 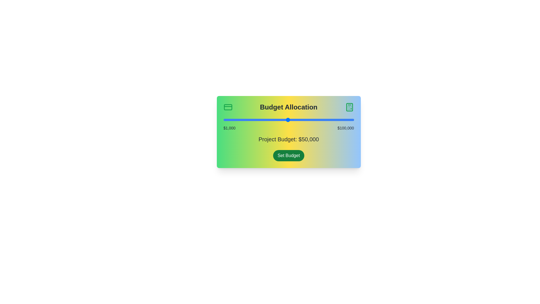 What do you see at coordinates (311, 119) in the screenshot?
I see `the slider to set the project budget to 67771 dollars` at bounding box center [311, 119].